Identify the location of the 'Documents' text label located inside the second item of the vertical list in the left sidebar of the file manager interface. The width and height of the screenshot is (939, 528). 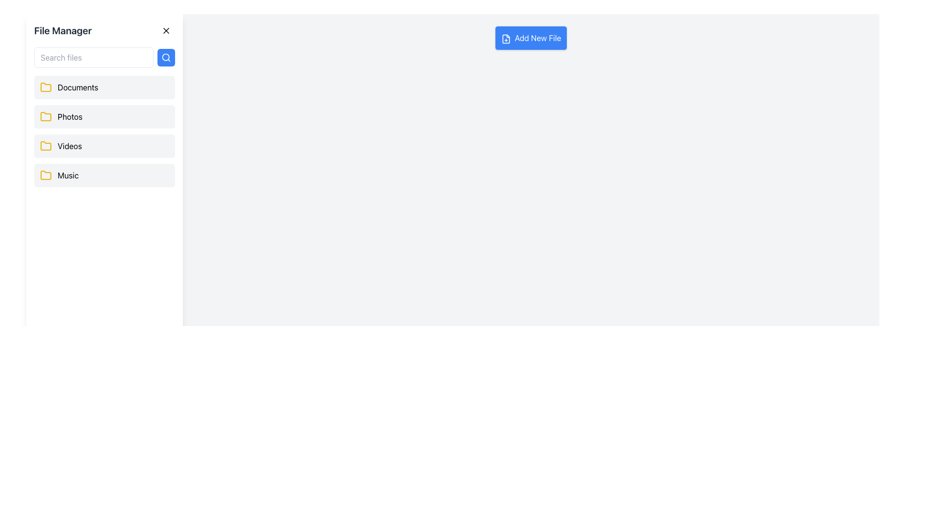
(77, 87).